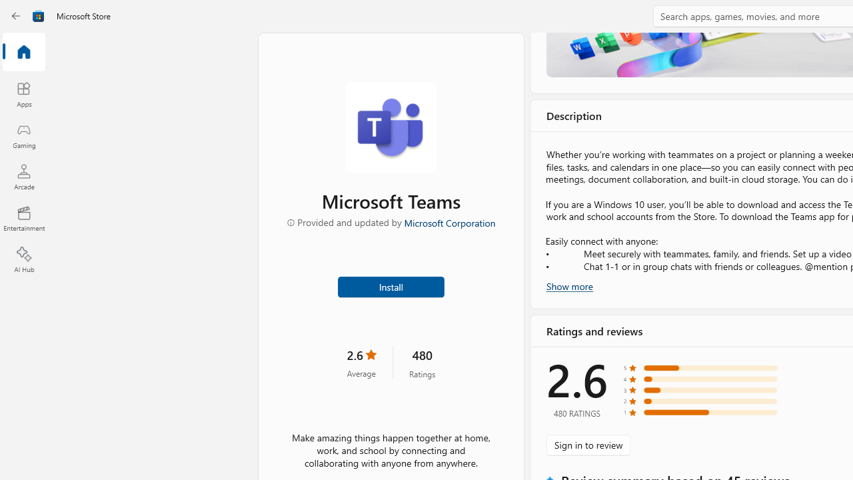 The height and width of the screenshot is (480, 853). I want to click on 'AI Hub', so click(23, 260).